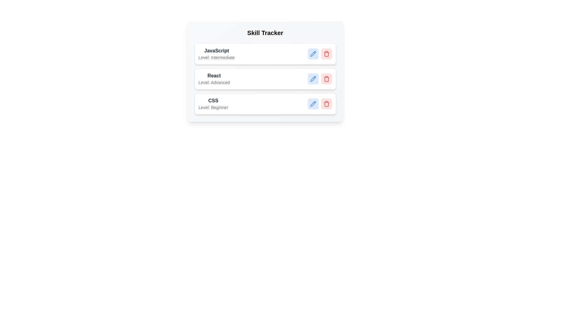  I want to click on the text of a skill name React, so click(214, 76).